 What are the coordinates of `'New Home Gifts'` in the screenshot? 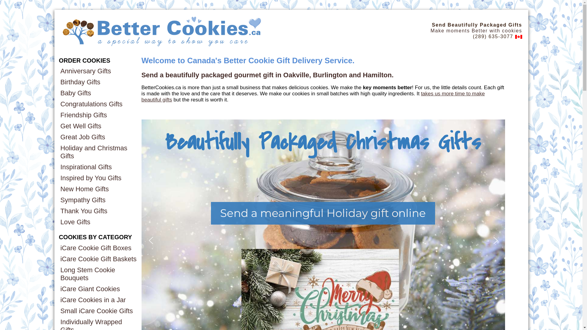 It's located at (98, 189).